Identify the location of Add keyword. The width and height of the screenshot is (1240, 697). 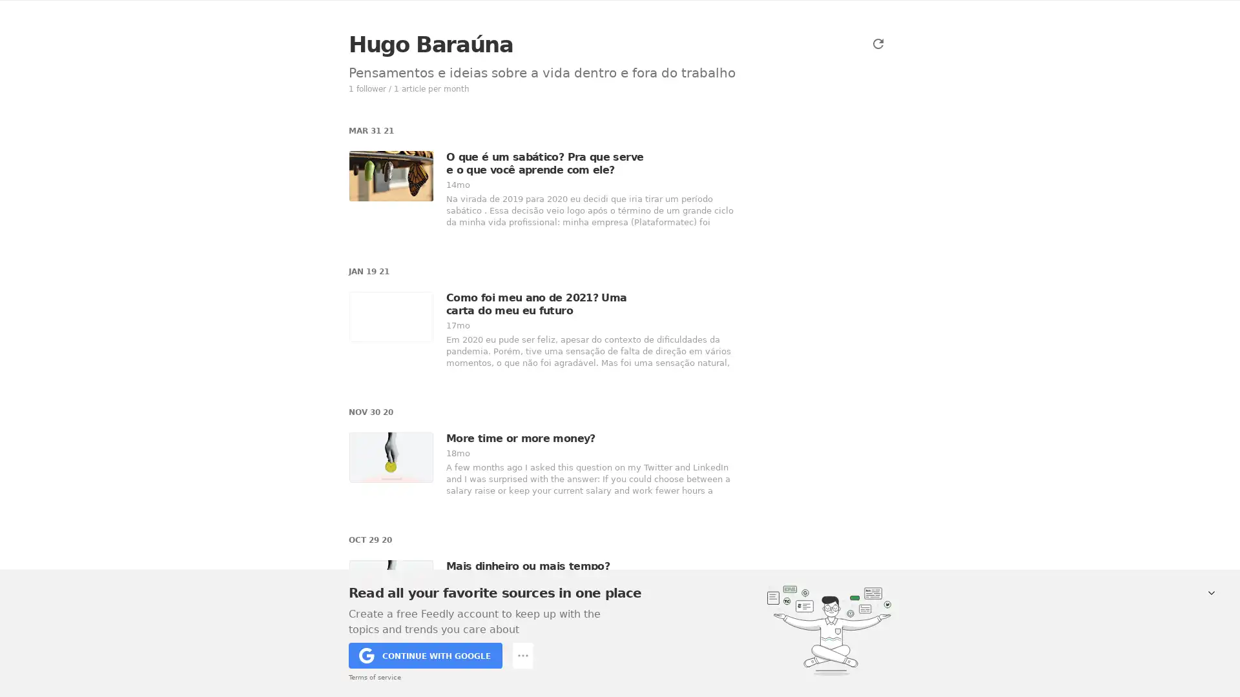
(523, 655).